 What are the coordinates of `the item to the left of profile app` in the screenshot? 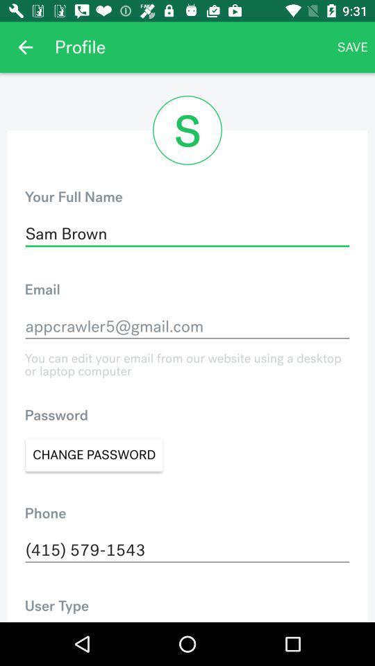 It's located at (25, 47).